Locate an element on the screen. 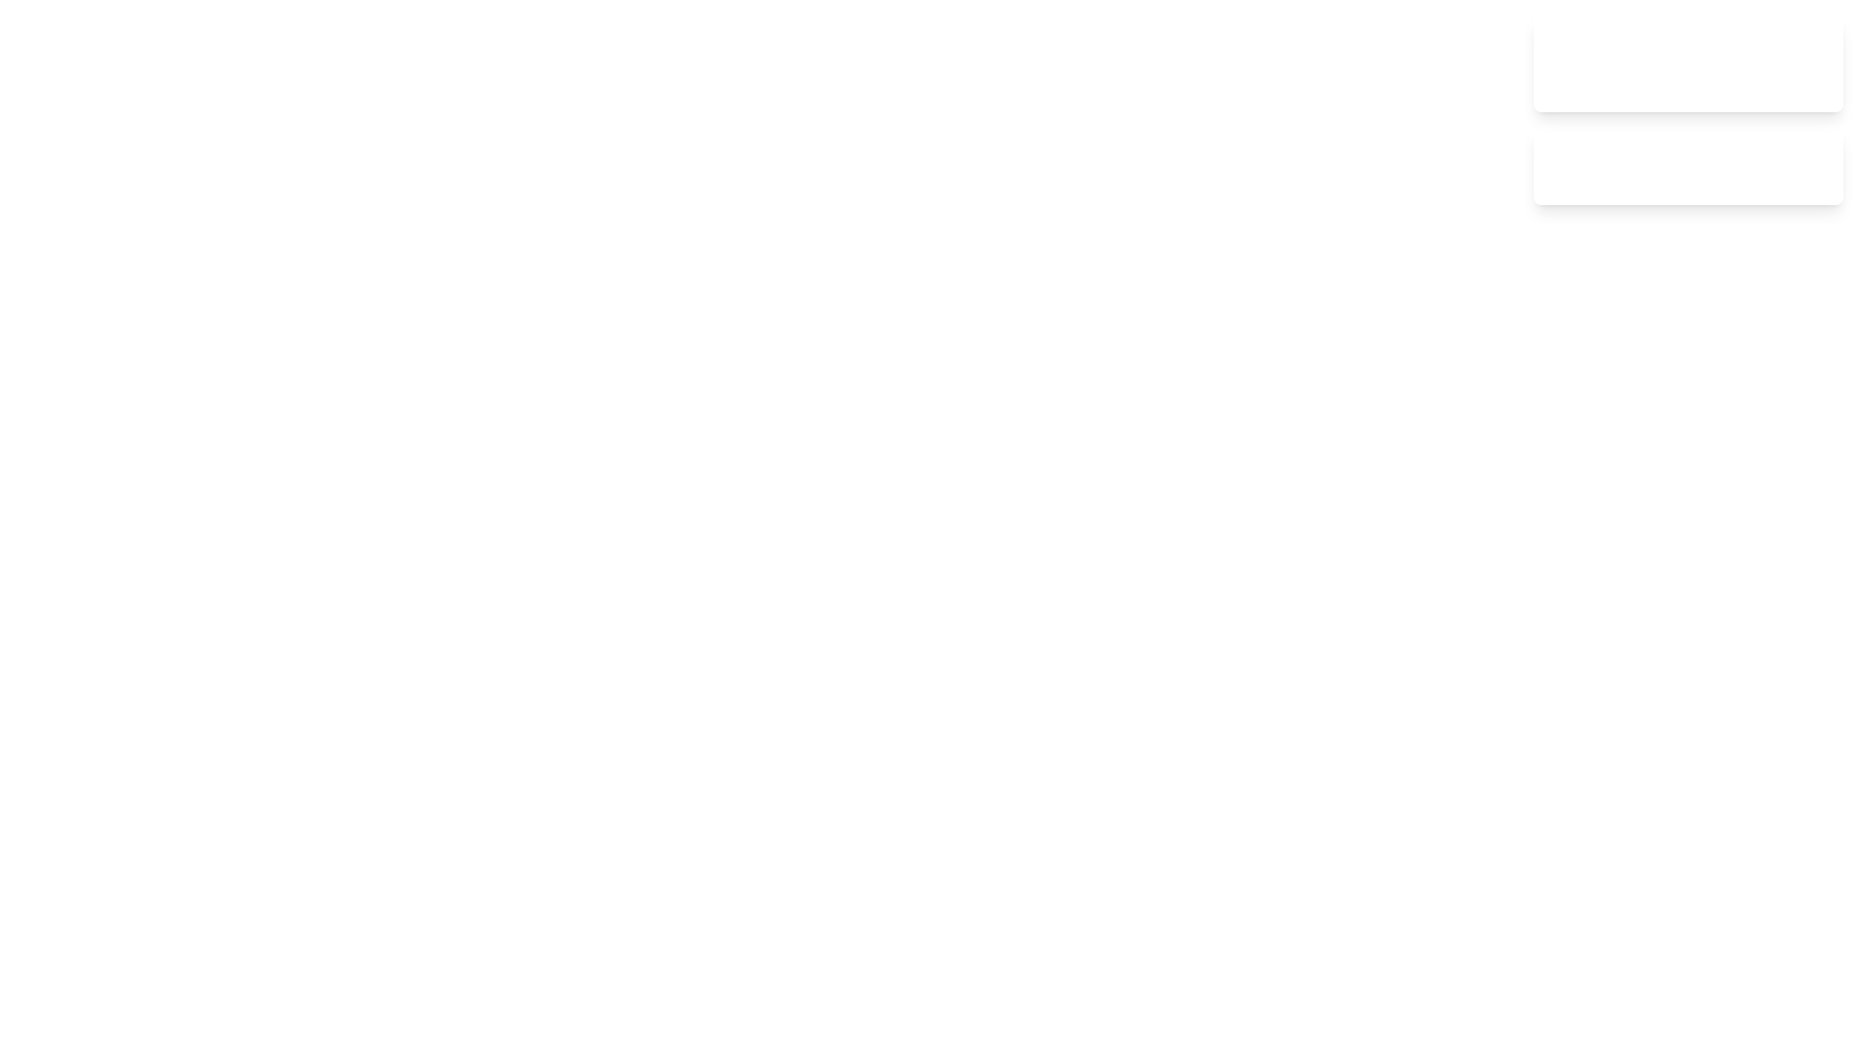 The height and width of the screenshot is (1045, 1859). the close button of the notification to dismiss it is located at coordinates (1816, 62).